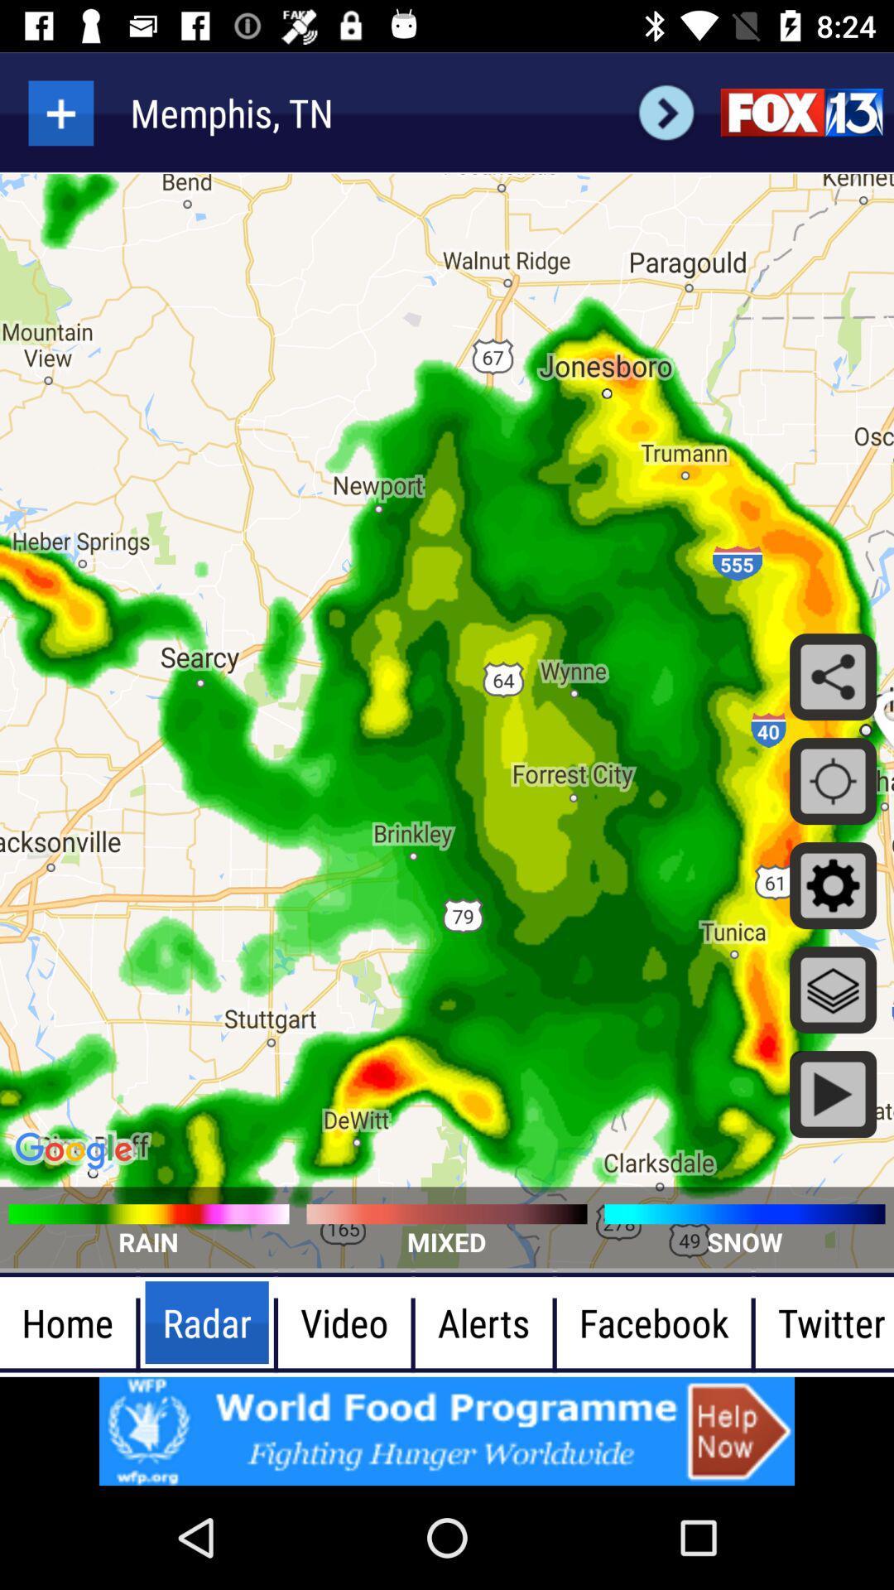  What do you see at coordinates (447, 1430) in the screenshot?
I see `advert` at bounding box center [447, 1430].